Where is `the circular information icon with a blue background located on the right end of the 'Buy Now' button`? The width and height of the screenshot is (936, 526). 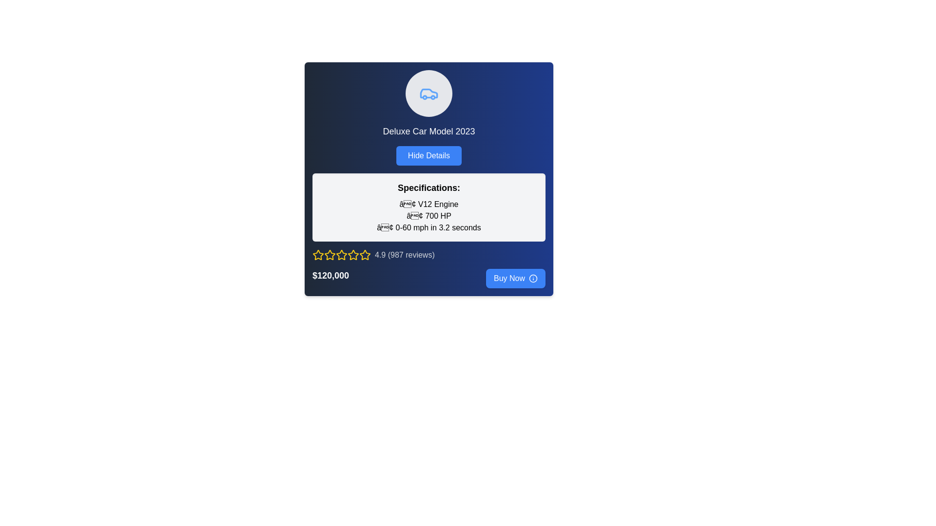 the circular information icon with a blue background located on the right end of the 'Buy Now' button is located at coordinates (533, 278).